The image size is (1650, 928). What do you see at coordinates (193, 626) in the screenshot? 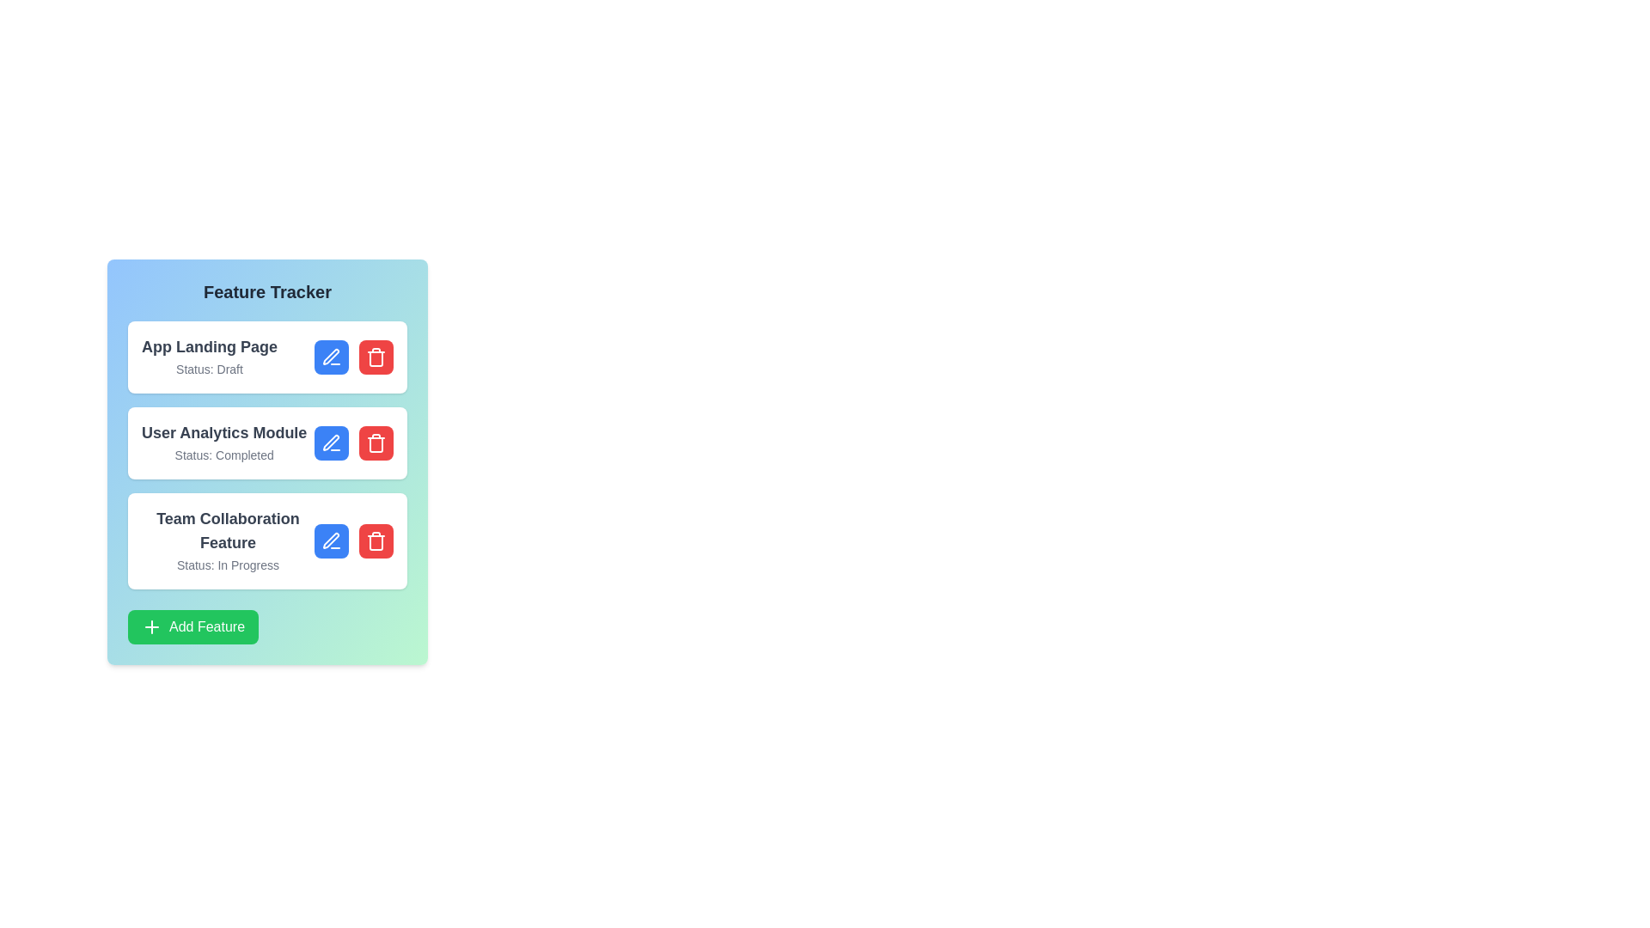
I see `the 'Add Feature' button to add a new item to the list` at bounding box center [193, 626].